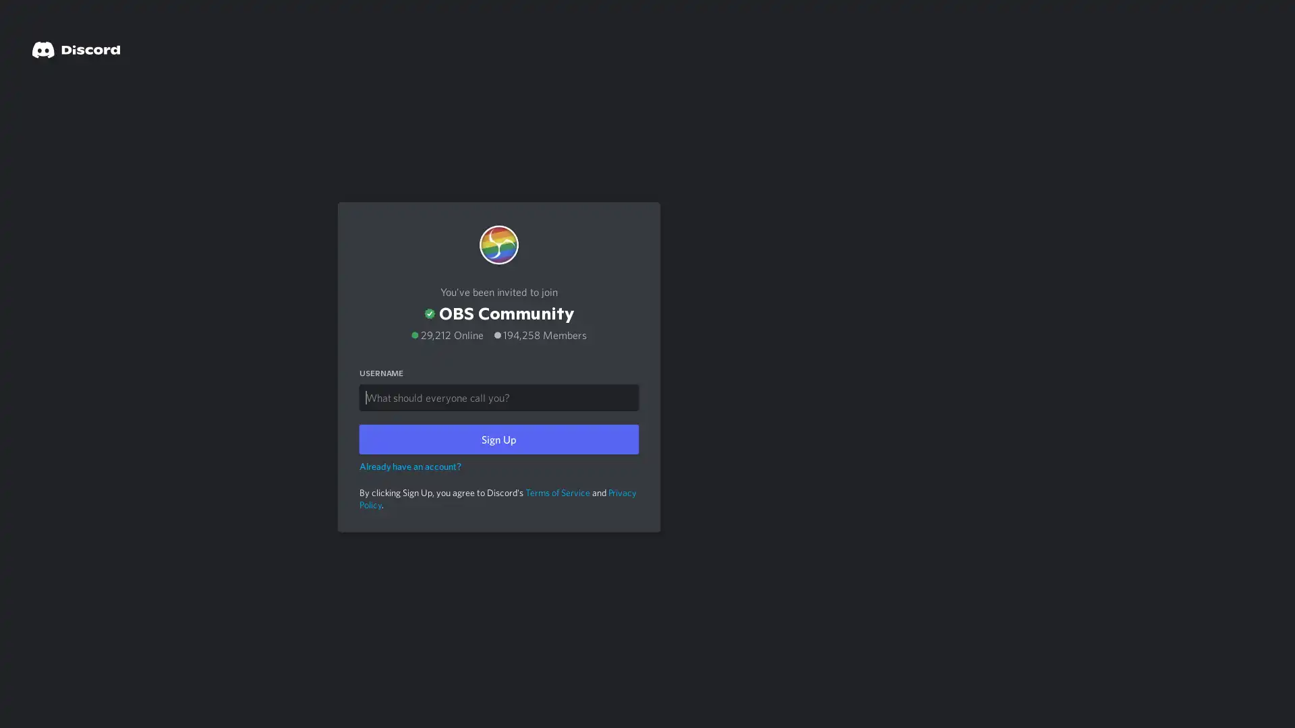 Image resolution: width=1295 pixels, height=728 pixels. I want to click on Sign Up, so click(498, 436).